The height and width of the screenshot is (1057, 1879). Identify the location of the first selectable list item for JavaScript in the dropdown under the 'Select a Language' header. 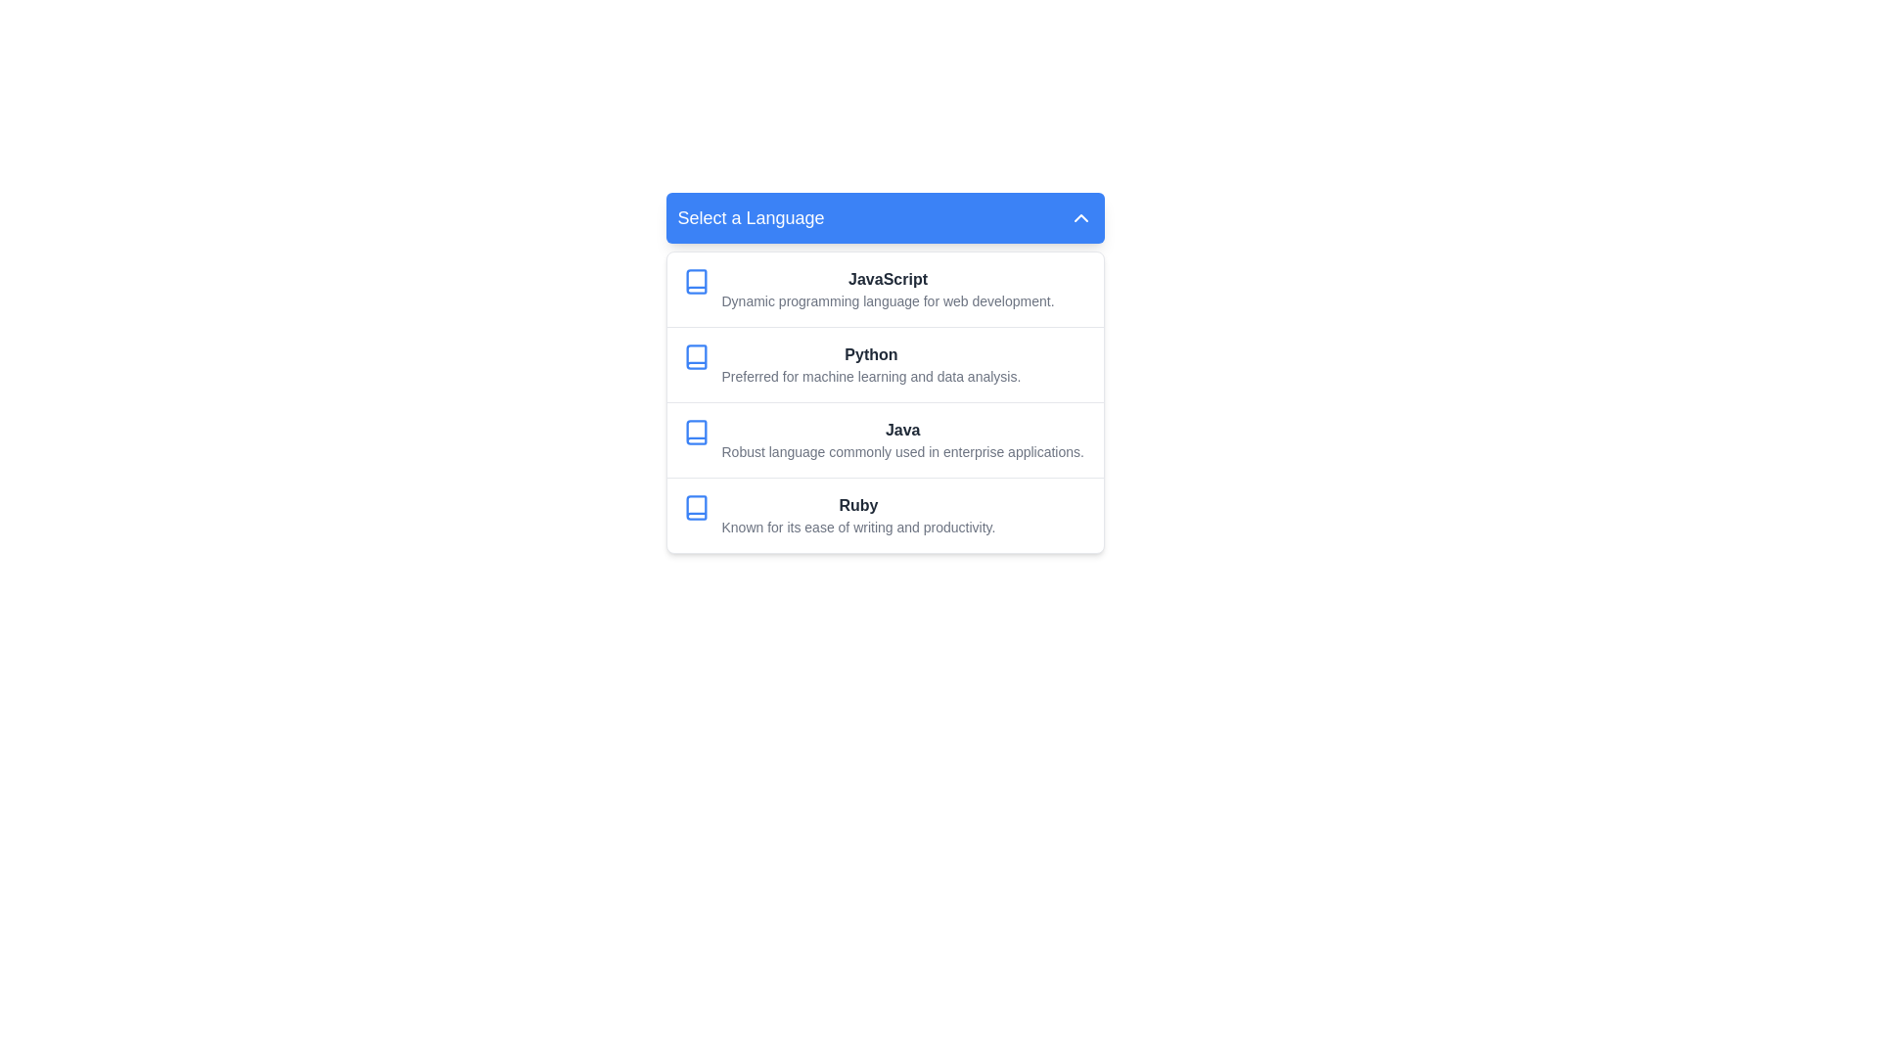
(884, 290).